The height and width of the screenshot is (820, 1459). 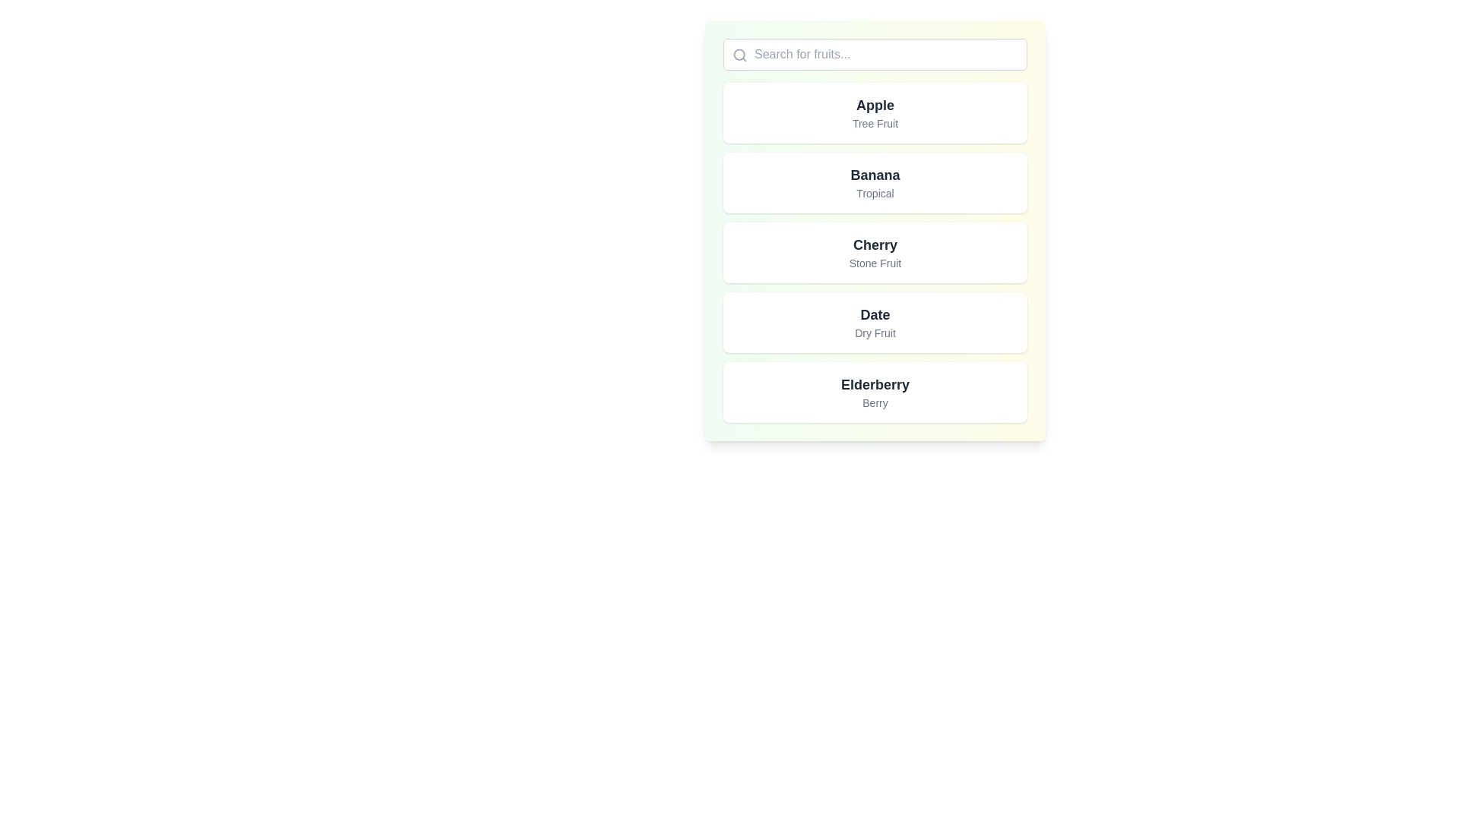 I want to click on the rectangular card labeled 'Date' that contains the subtitle 'Dry Fruit', which is the fourth card in a stacked list of similar cards, positioned between the 'Cherry' and 'Elderberry' cards, so click(x=875, y=321).